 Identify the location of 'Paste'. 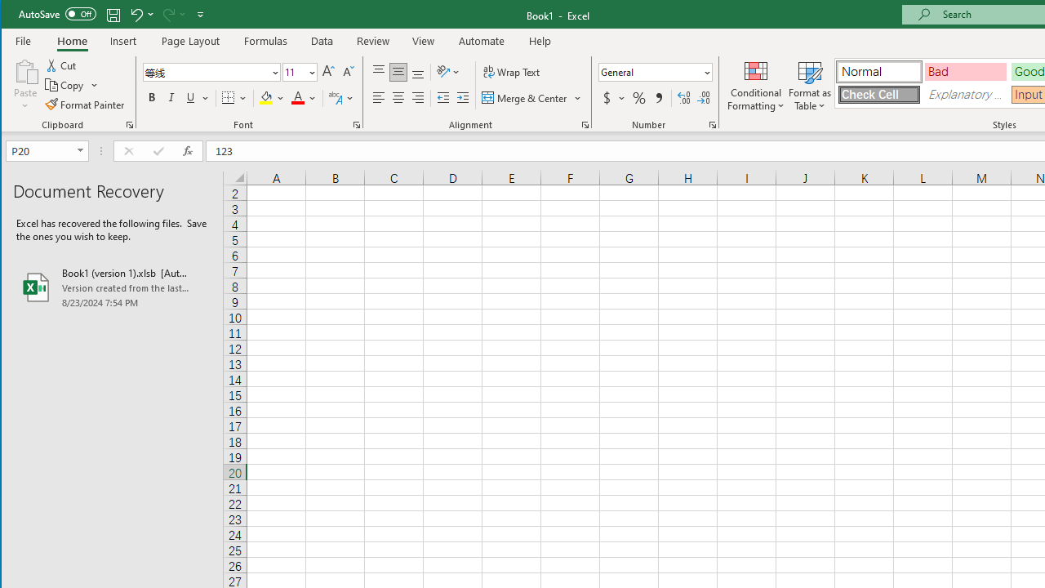
(25, 85).